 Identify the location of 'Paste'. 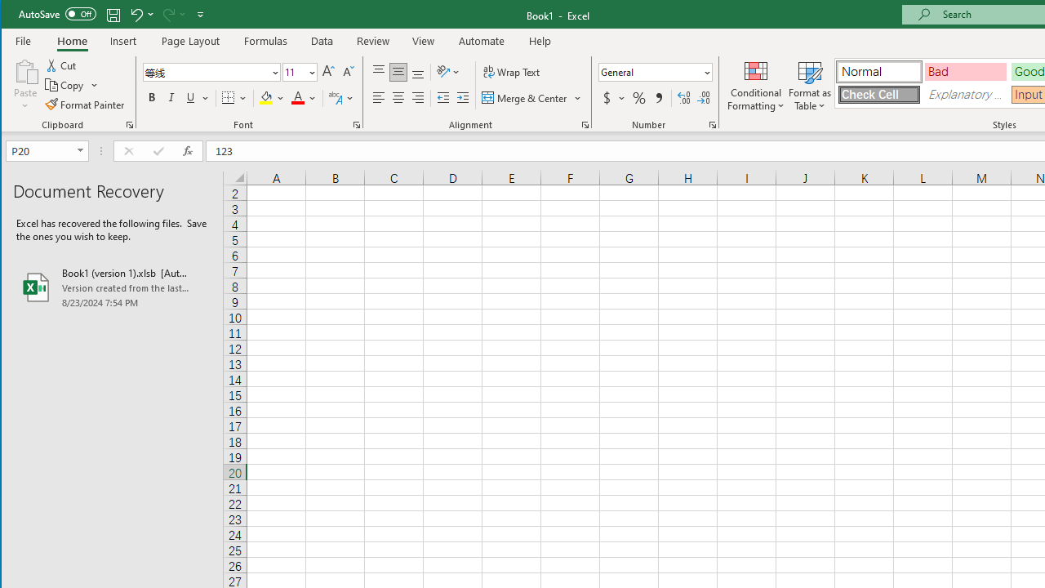
(25, 85).